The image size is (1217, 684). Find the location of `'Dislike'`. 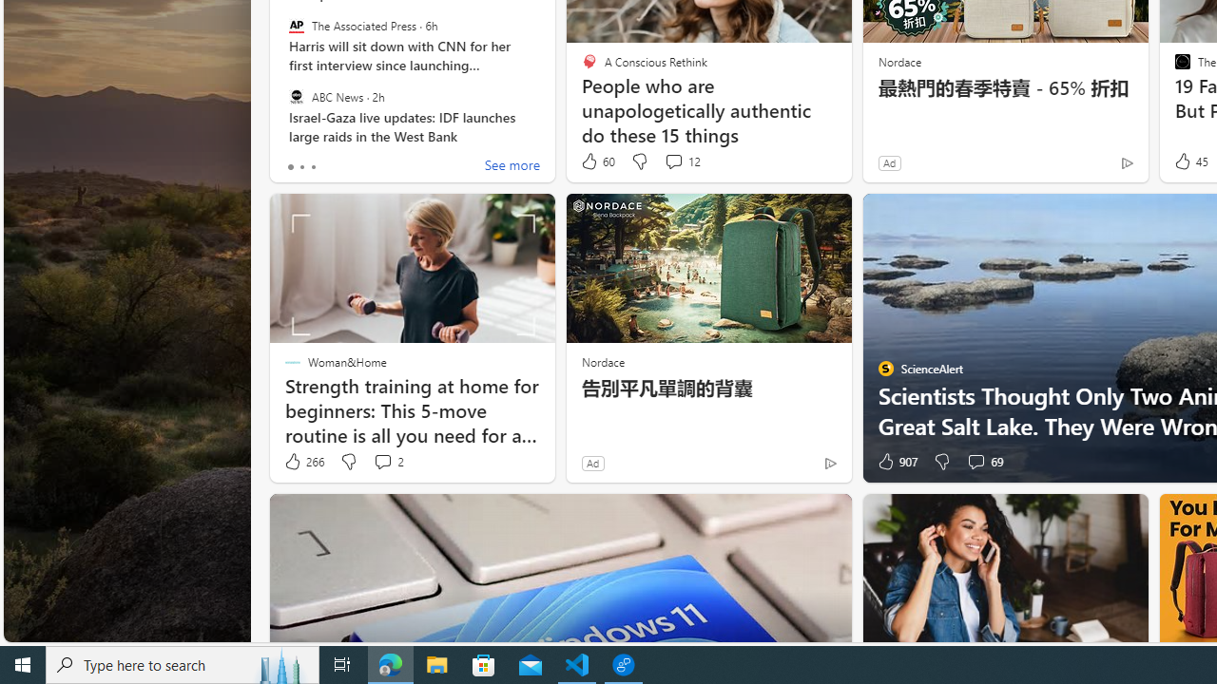

'Dislike' is located at coordinates (941, 462).